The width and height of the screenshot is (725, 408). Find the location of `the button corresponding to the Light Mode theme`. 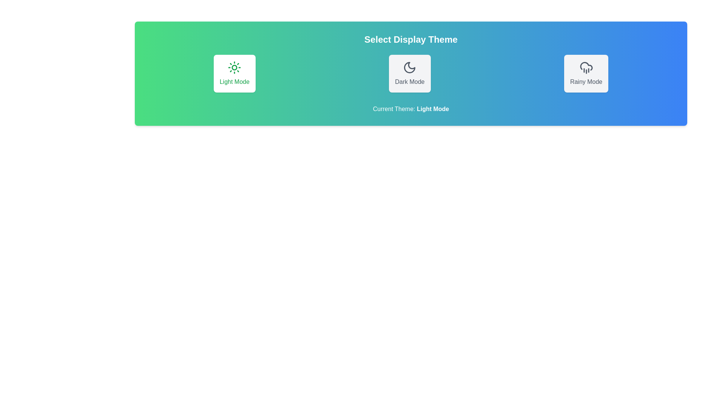

the button corresponding to the Light Mode theme is located at coordinates (234, 74).